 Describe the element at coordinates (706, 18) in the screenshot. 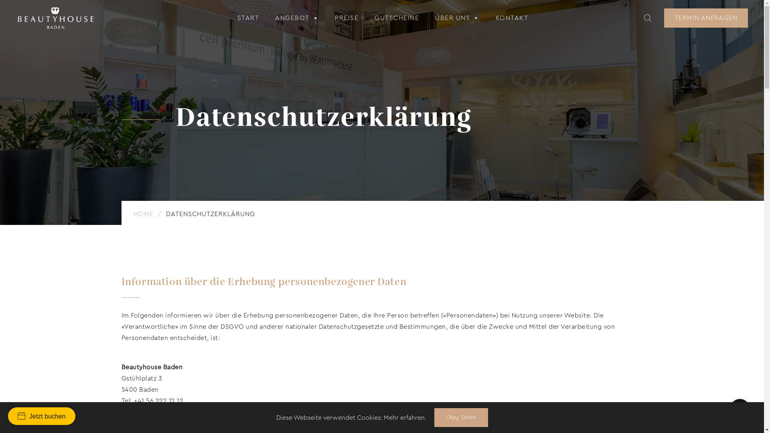

I see `'TERMIN ANFRAGEN'` at that location.